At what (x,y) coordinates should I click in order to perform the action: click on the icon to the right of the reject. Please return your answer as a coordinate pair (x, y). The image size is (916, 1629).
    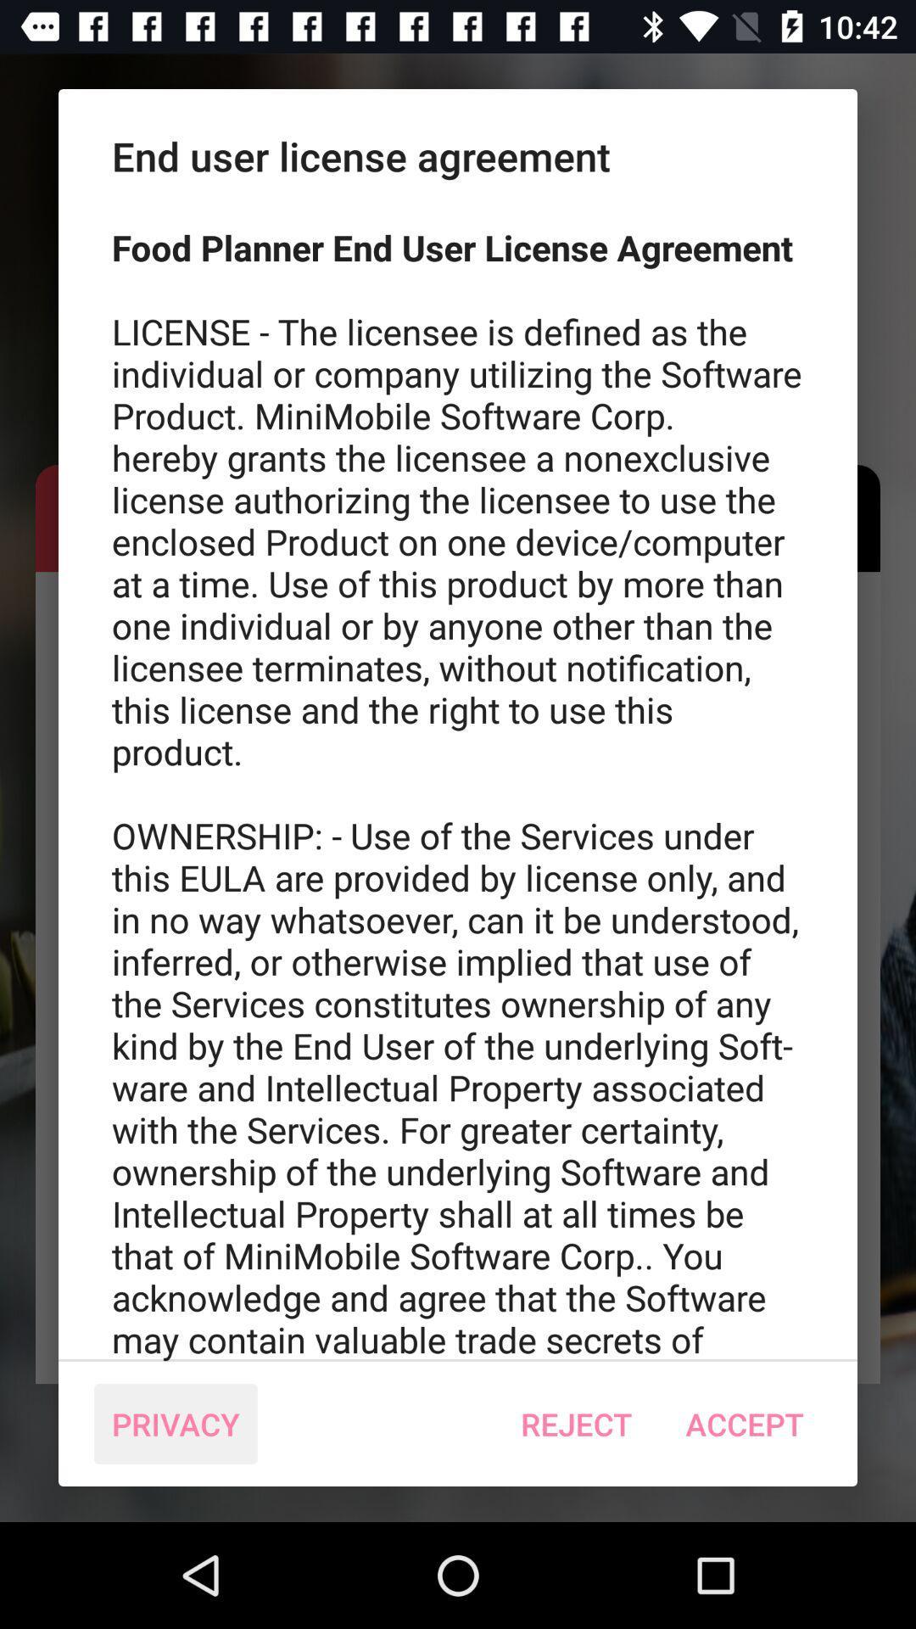
    Looking at the image, I should click on (744, 1424).